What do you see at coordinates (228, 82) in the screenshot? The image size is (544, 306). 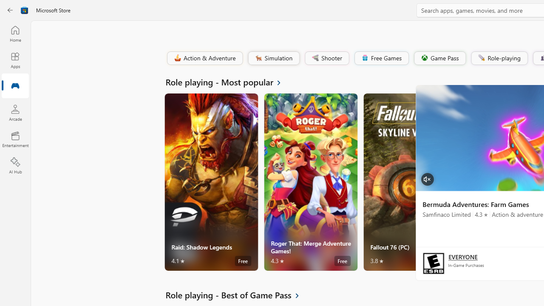 I see `'See all  Role playing - Most popular'` at bounding box center [228, 82].